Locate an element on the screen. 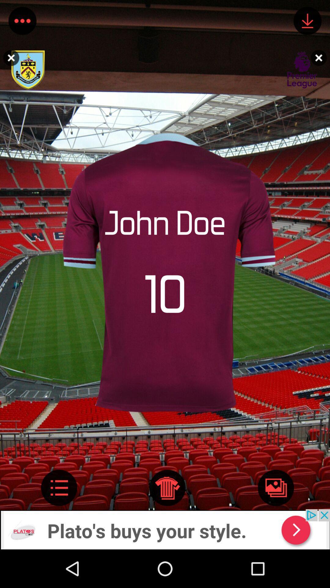 This screenshot has height=588, width=330. the close icon is located at coordinates (9, 58).